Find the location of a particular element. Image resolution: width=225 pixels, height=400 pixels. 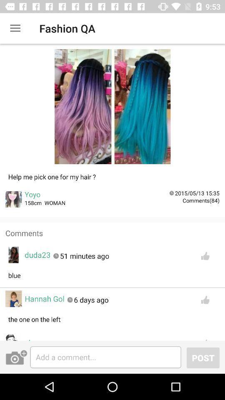

click like option is located at coordinates (205, 255).